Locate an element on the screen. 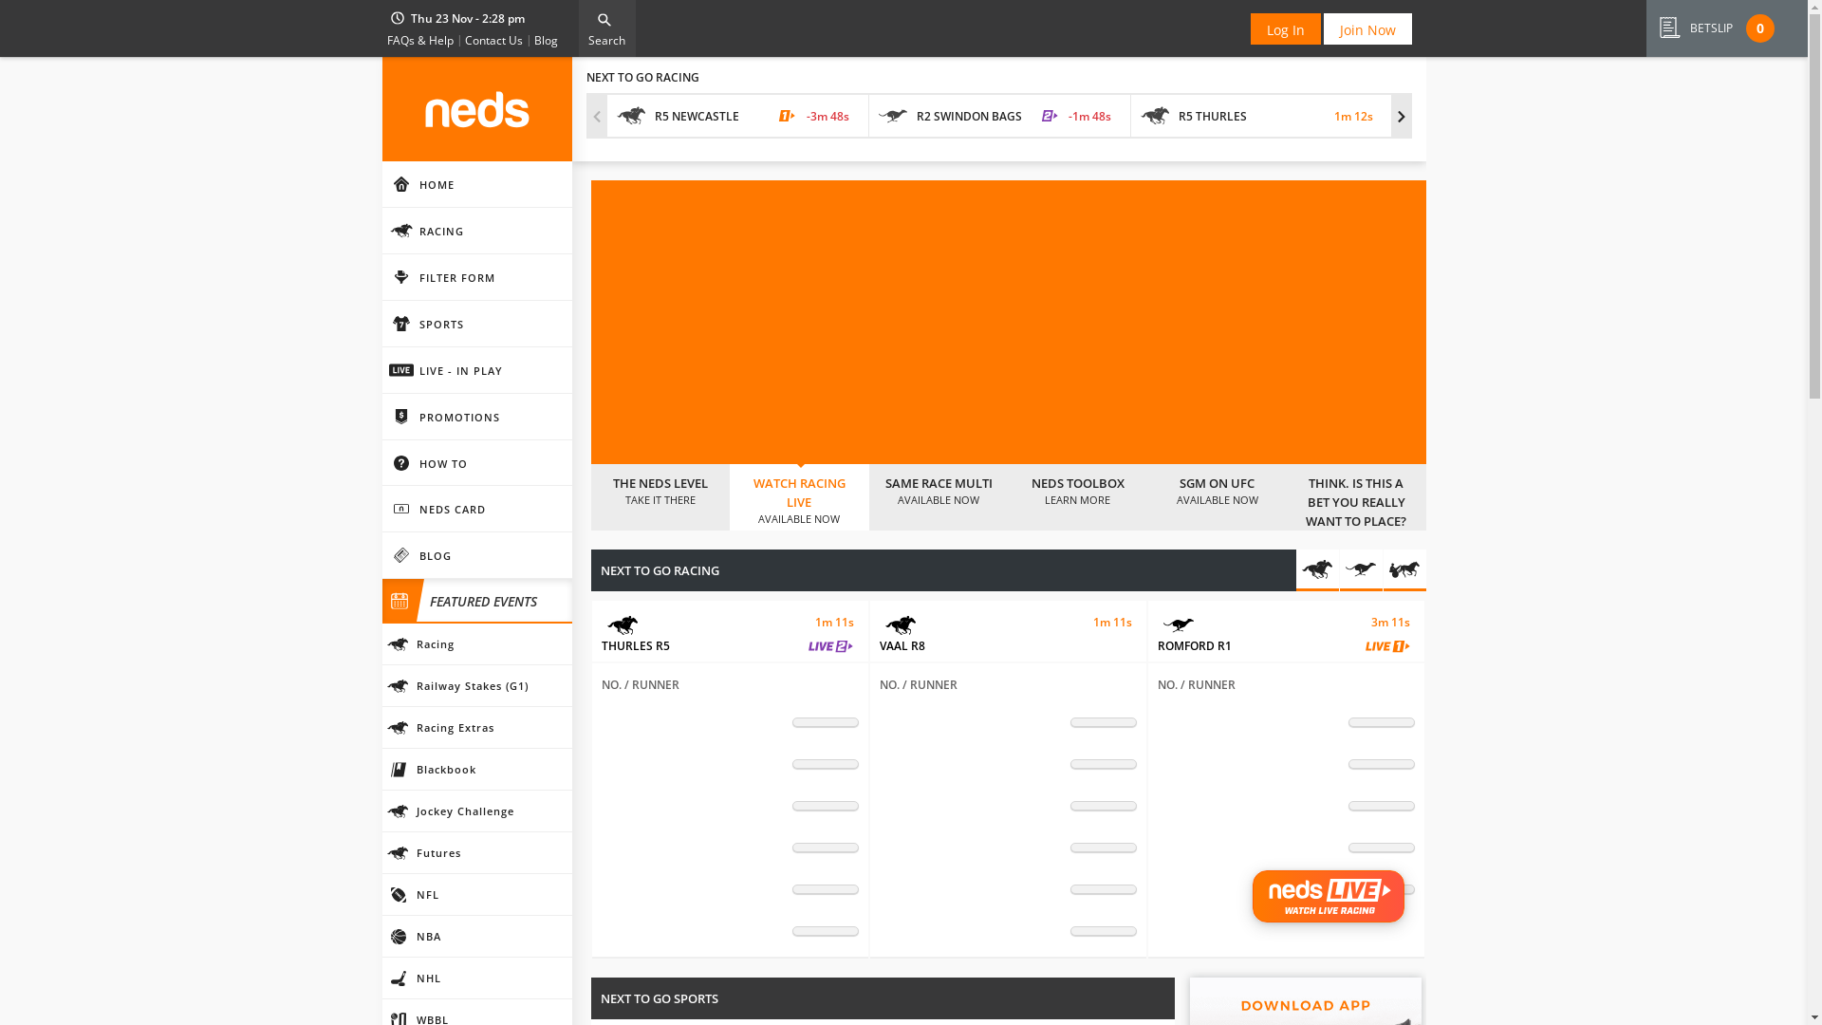 The image size is (1822, 1025). 'R2 SWINDON BAGS is located at coordinates (868, 116).